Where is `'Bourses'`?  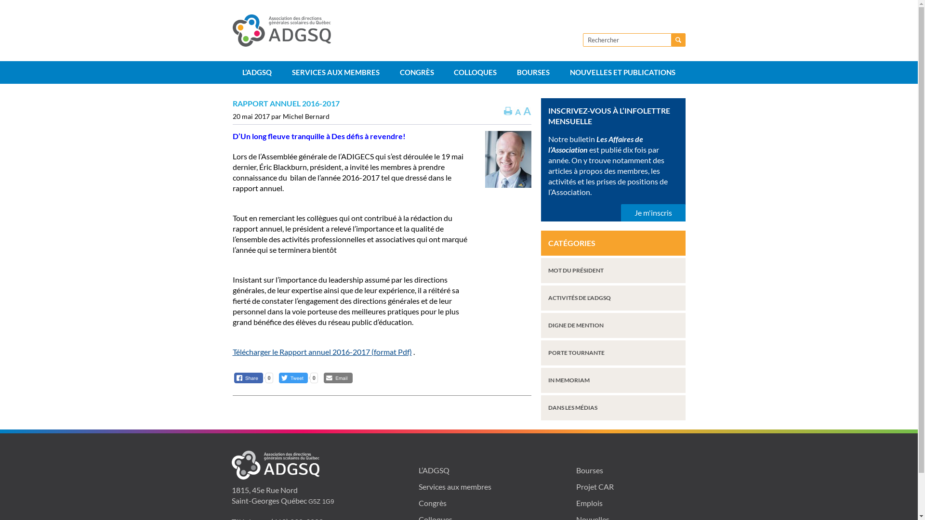 'Bourses' is located at coordinates (589, 469).